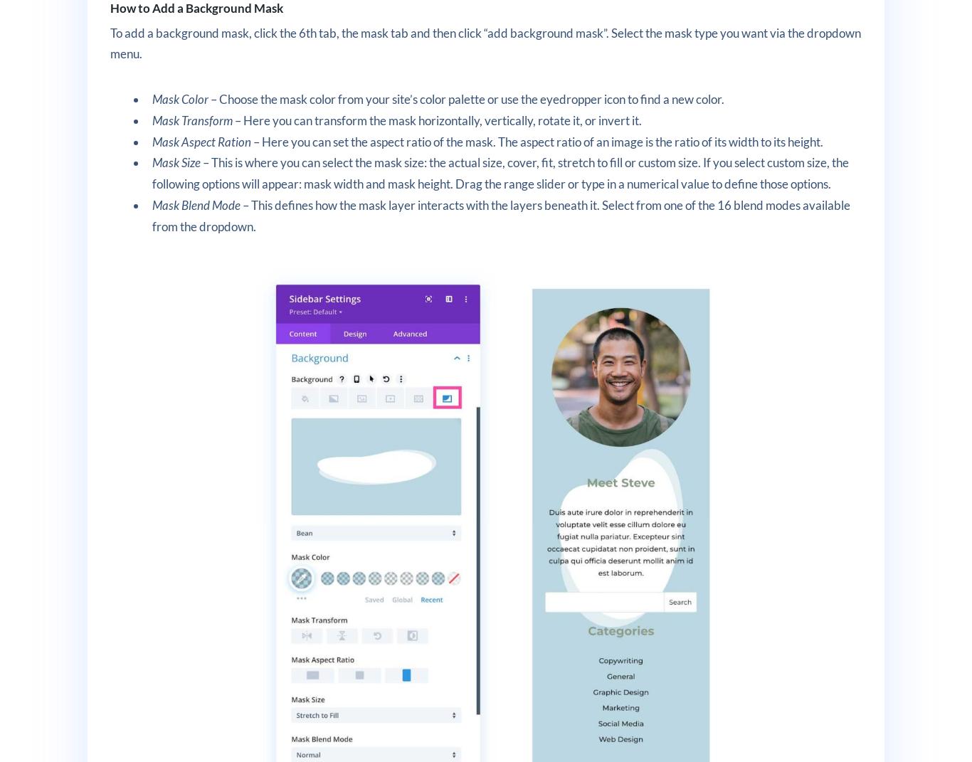 The width and height of the screenshot is (972, 762). What do you see at coordinates (484, 42) in the screenshot?
I see `'To add a background mask, click the 6th tab, the mask tab and then click “add background mask”. Select the mask type you want via the dropdown menu.'` at bounding box center [484, 42].